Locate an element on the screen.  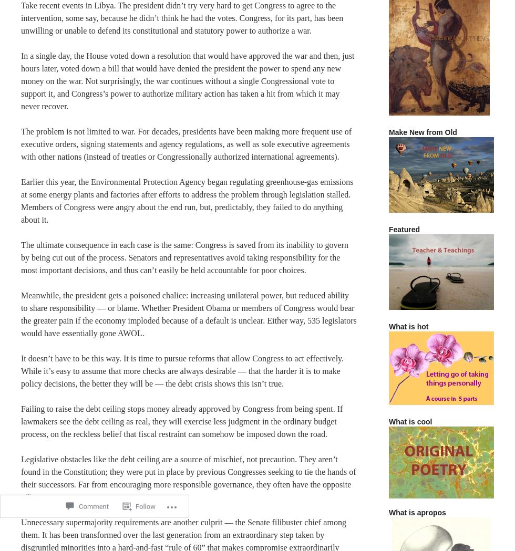
'The problem is not limited to war. For decades, presidents have been making more frequent use of executive orders, signing statements and agency regulations, as well as sole executive agreements with other nations (instead of treaties or Congressionally authorized international agreements).' is located at coordinates (186, 143).